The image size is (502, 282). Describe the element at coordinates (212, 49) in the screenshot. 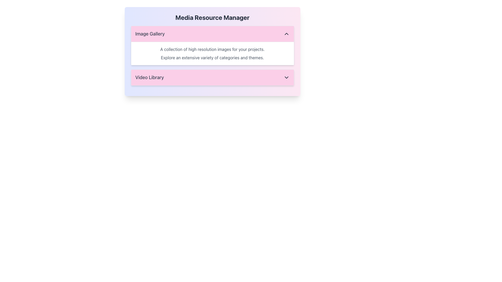

I see `the static text displaying 'A collection of high resolution images for your projects.' located in the 'Image Gallery' section, positioned directly above the text line 'Explore an extensive variety of categories and themes.'` at that location.